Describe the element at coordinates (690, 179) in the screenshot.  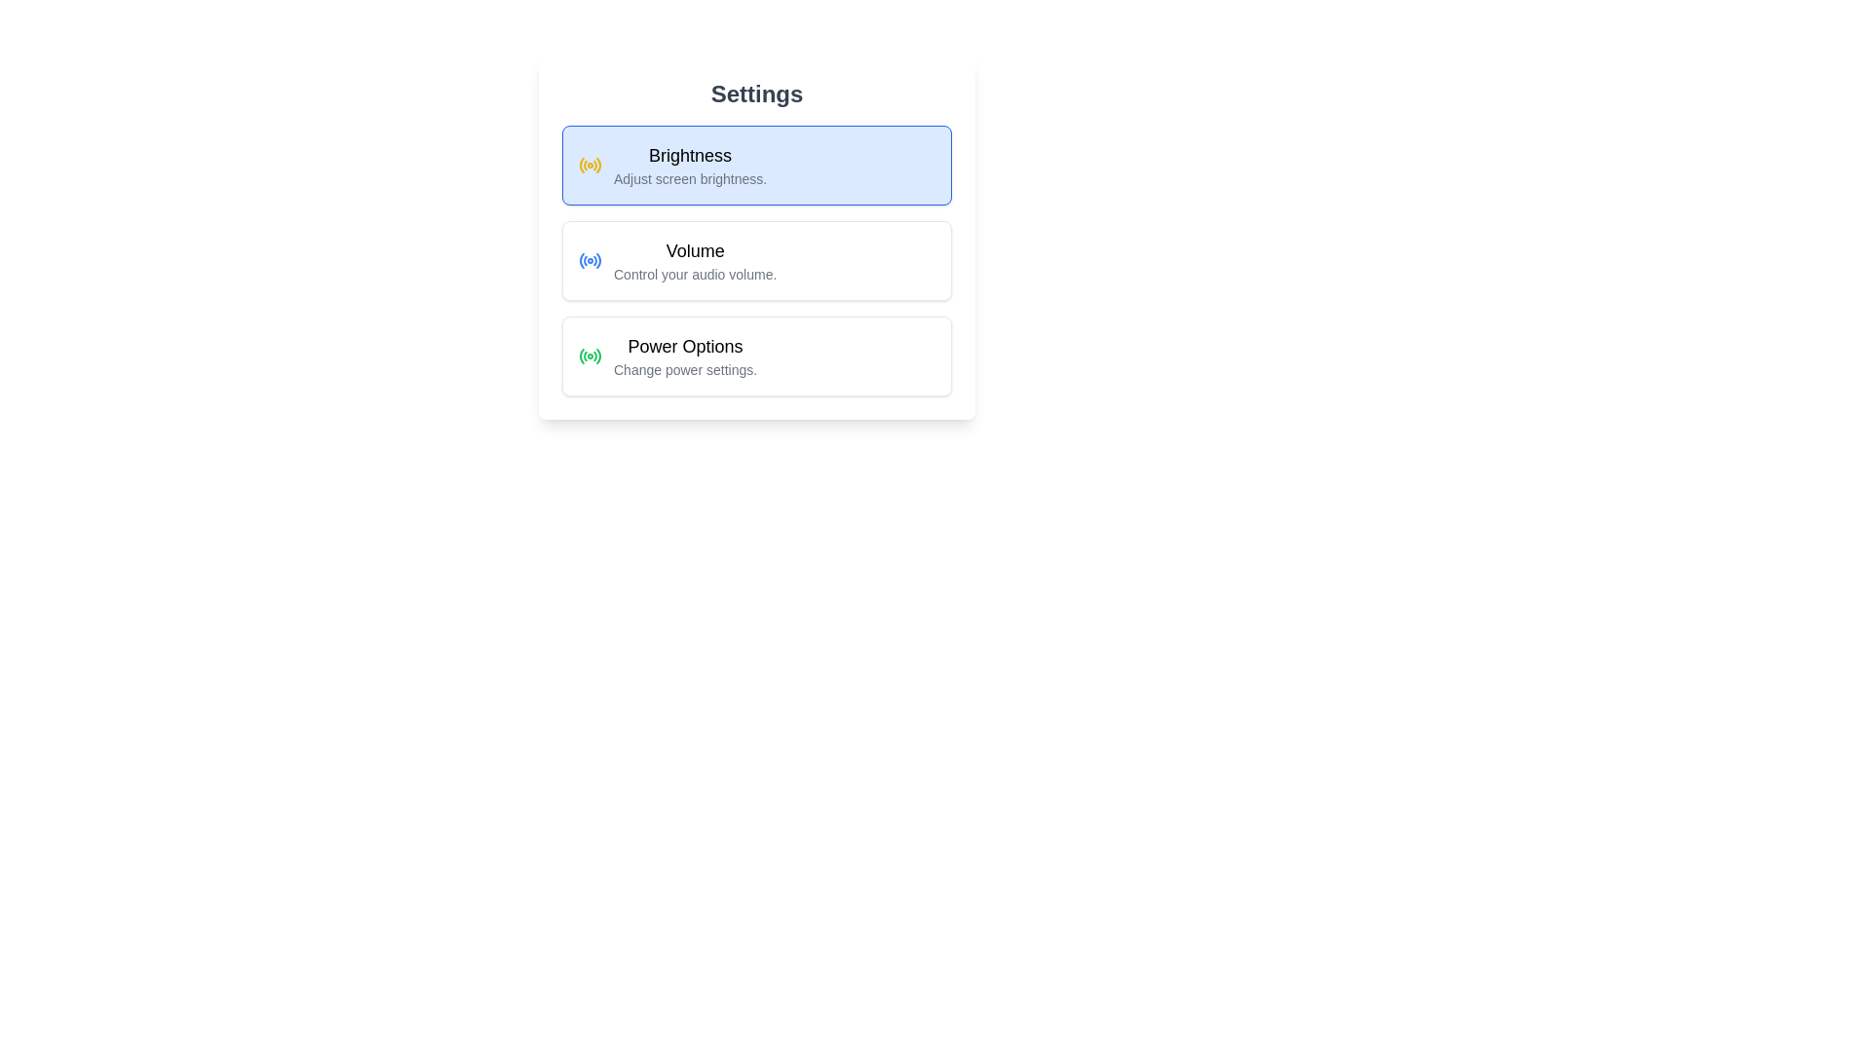
I see `the static text label that provides additional information about brightness adjustments, positioned below the 'Brightness' header in the settings categories` at that location.